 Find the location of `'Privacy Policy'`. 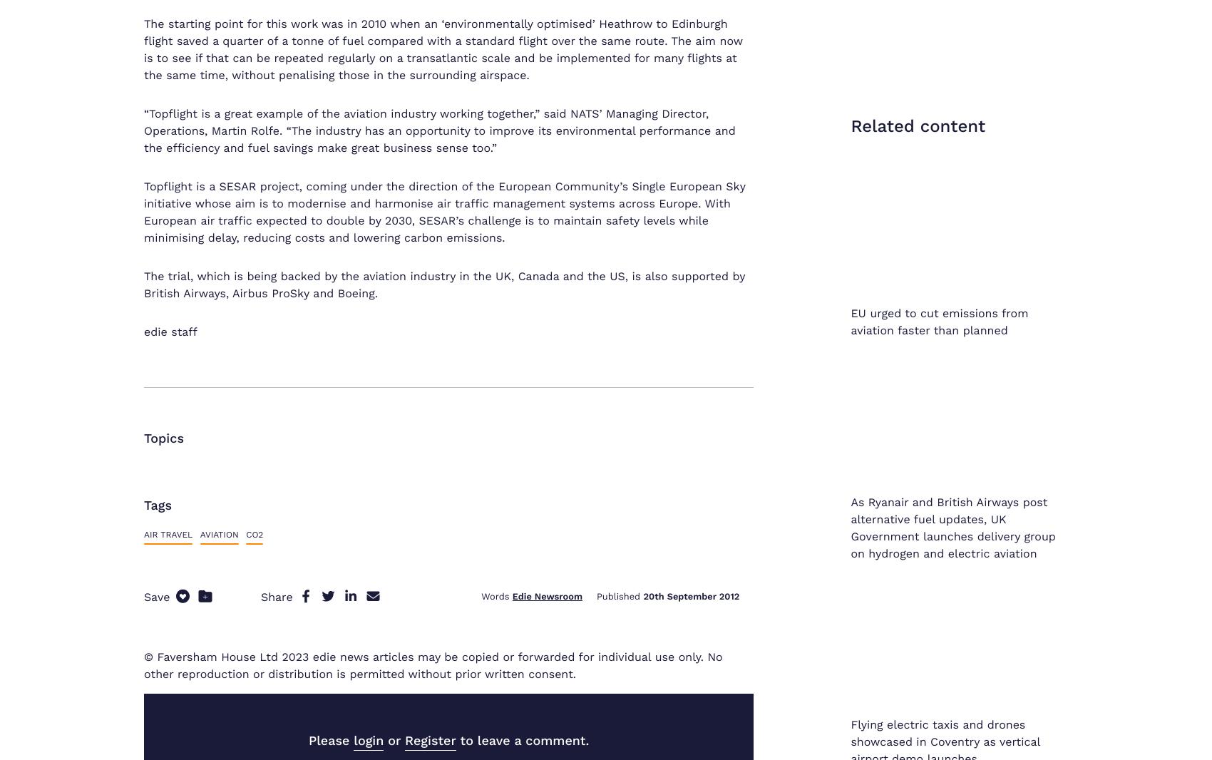

'Privacy Policy' is located at coordinates (966, 535).